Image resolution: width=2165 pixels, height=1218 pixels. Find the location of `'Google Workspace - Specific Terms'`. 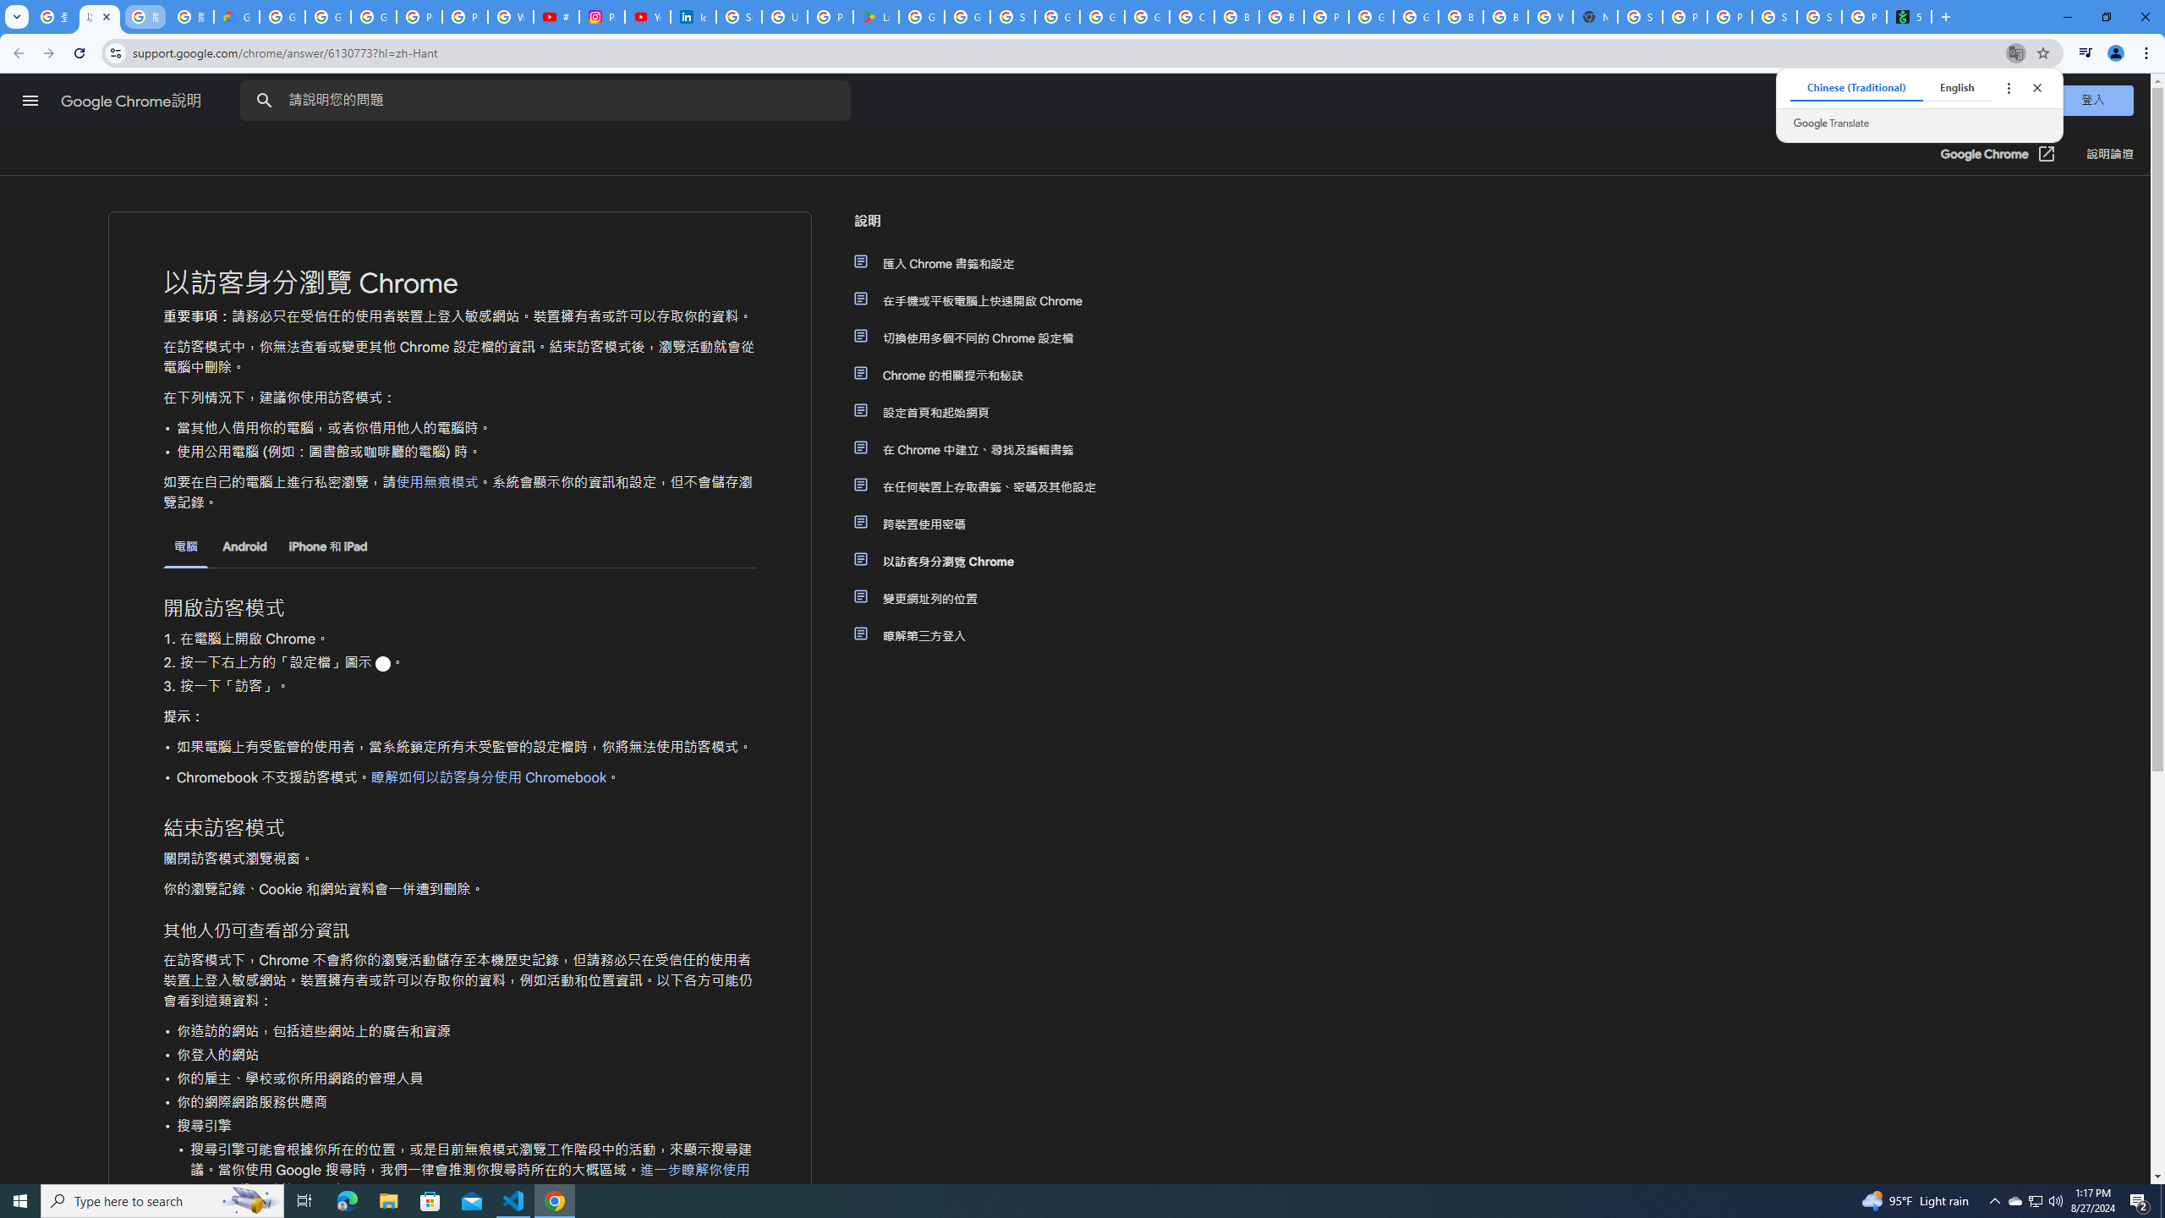

'Google Workspace - Specific Terms' is located at coordinates (967, 16).